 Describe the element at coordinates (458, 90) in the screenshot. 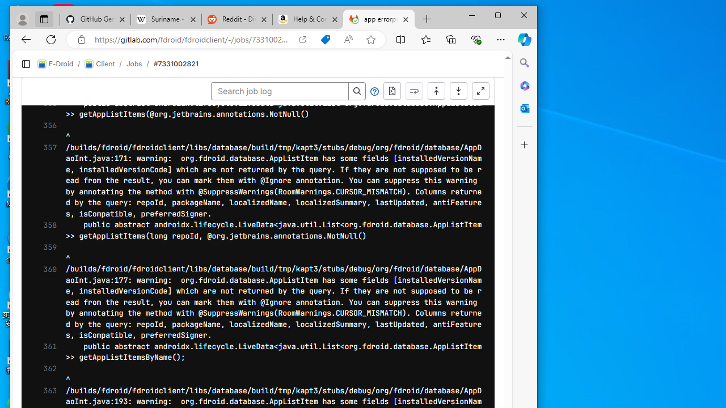

I see `'Scroll to bottom'` at that location.